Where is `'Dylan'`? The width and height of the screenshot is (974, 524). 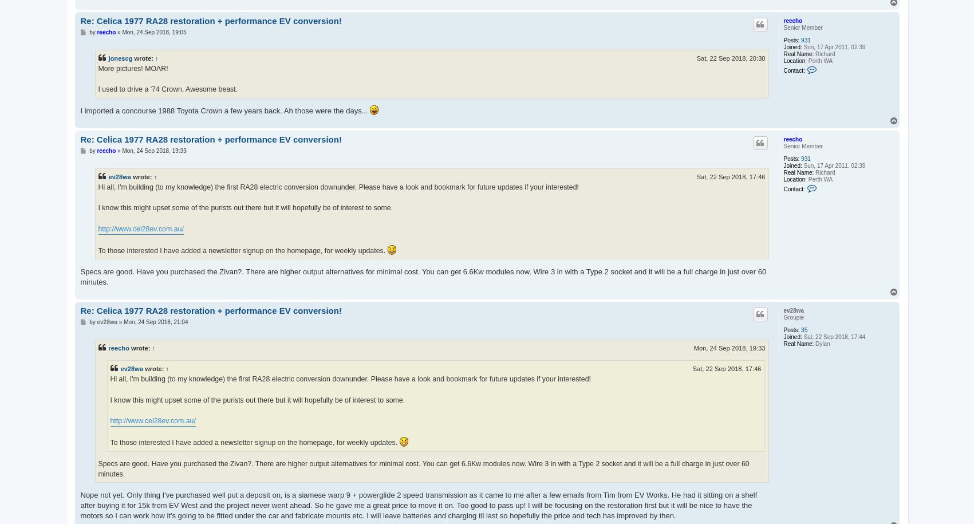
'Dylan' is located at coordinates (821, 342).